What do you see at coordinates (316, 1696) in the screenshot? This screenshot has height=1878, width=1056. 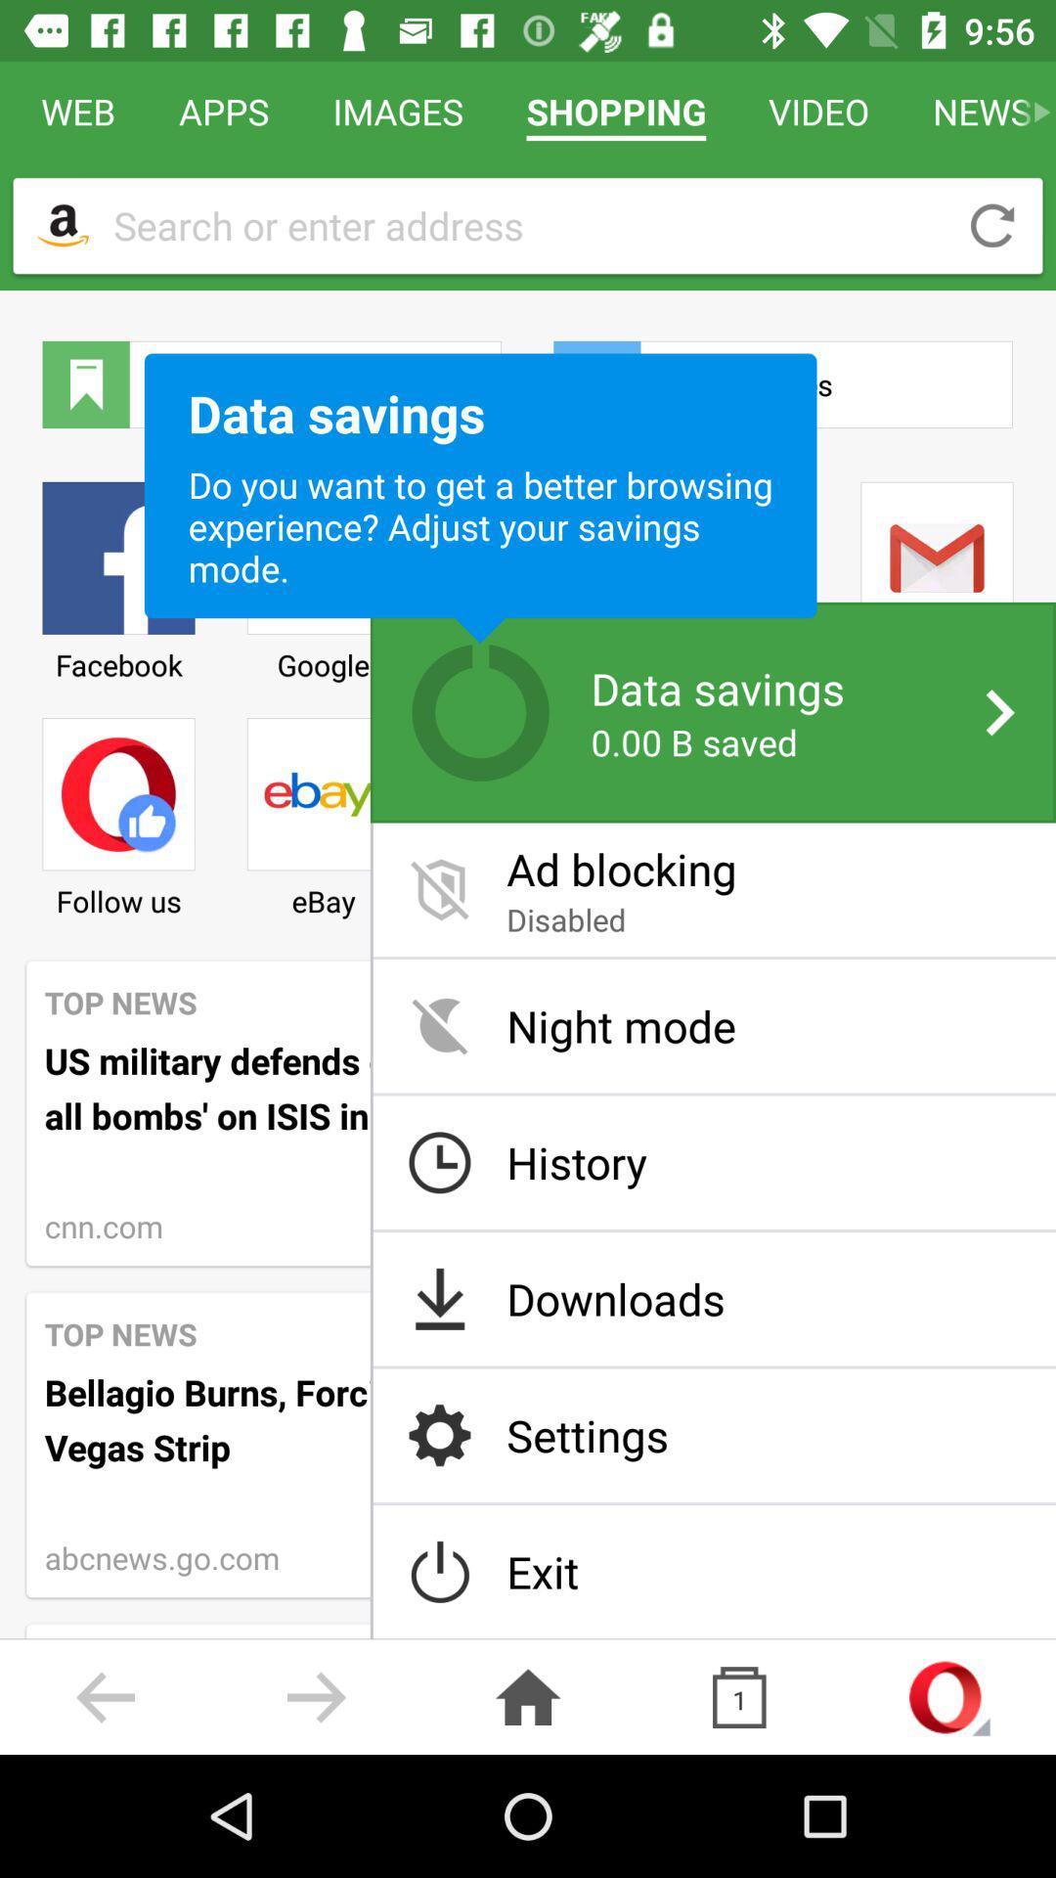 I see `the arrow_forward icon` at bounding box center [316, 1696].